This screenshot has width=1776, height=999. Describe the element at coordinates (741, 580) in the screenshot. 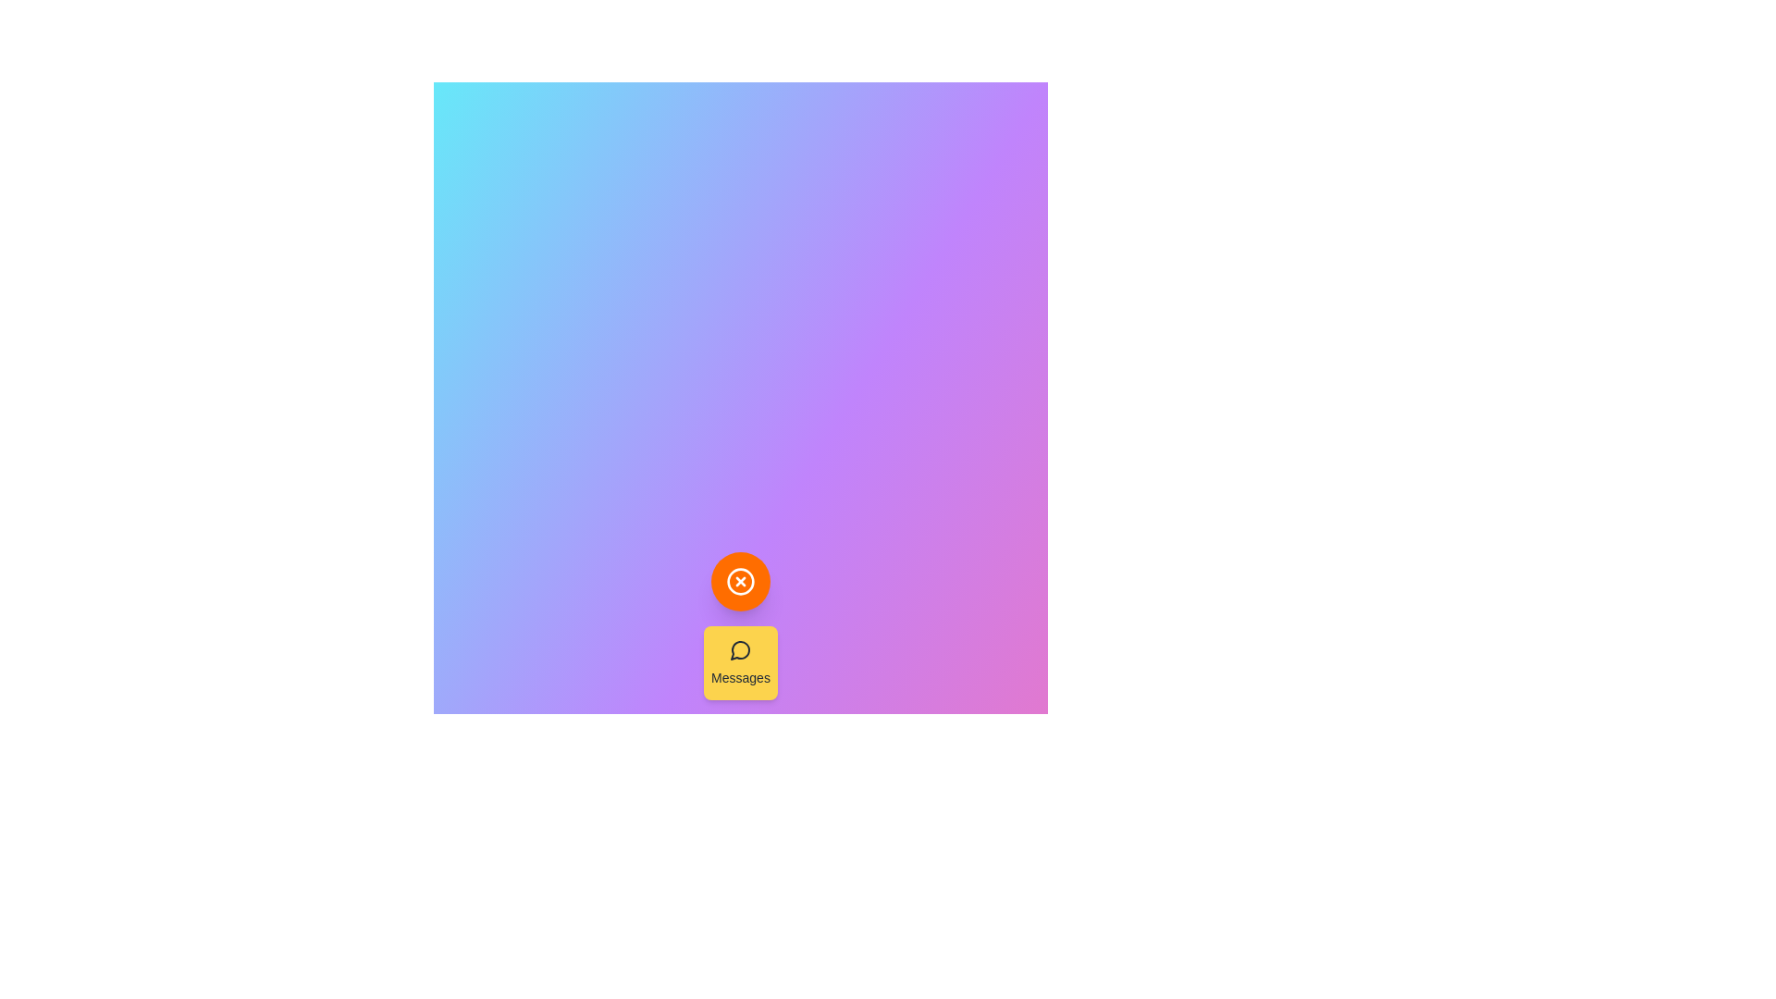

I see `the main button to toggle the menu` at that location.